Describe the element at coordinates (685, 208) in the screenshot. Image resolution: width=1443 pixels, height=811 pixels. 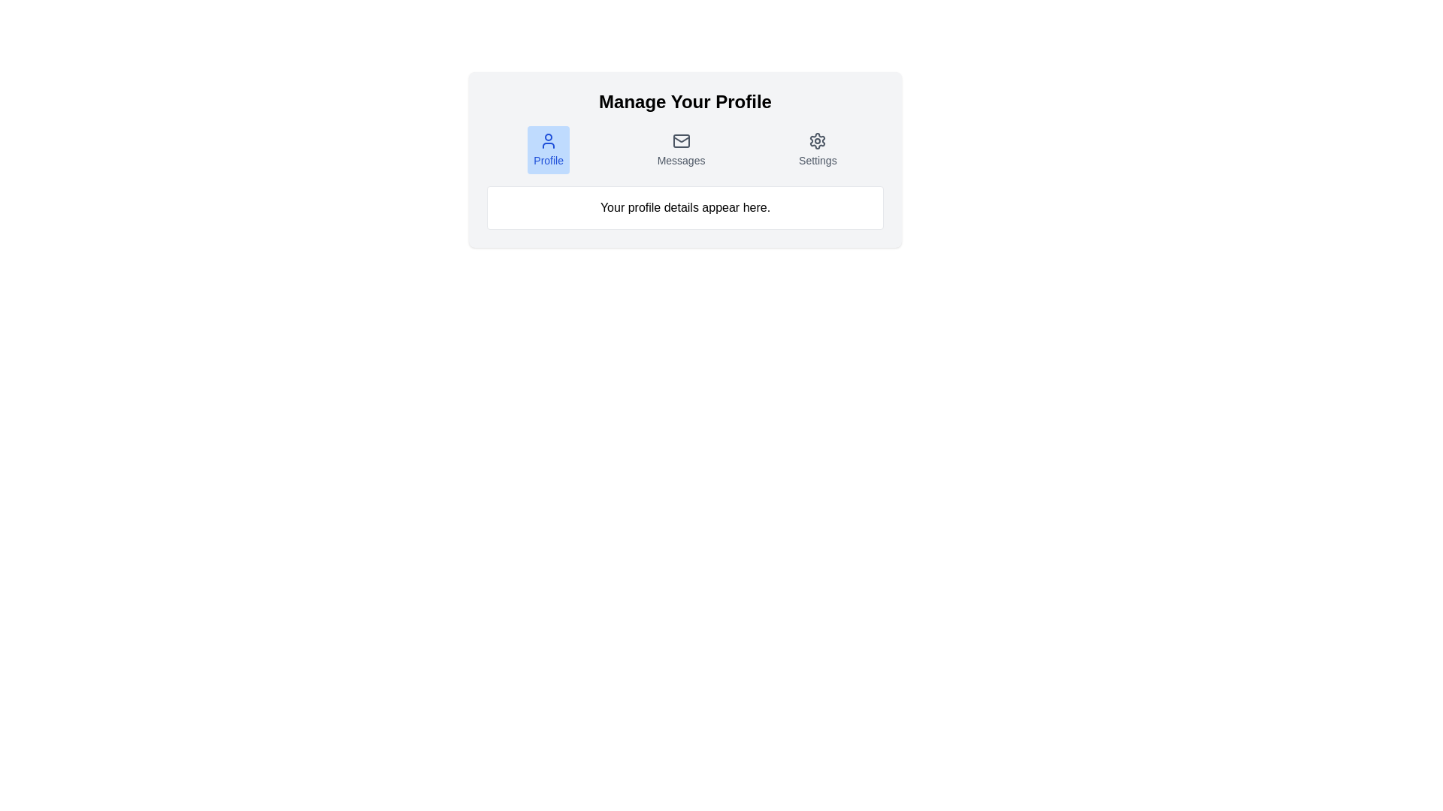
I see `the informational text displaying 'Your profile details appear here.' which is positioned within a rounded, bordered white box beneath the title 'Manage Your Profile'` at that location.